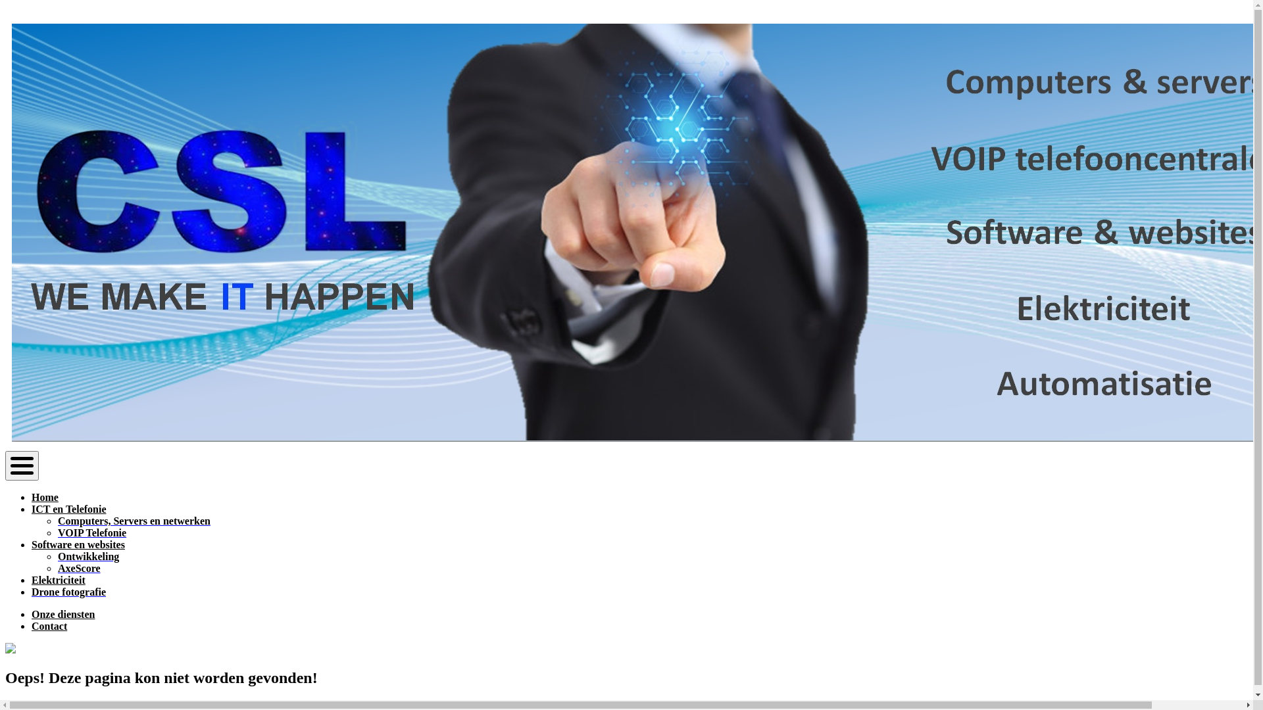 The height and width of the screenshot is (710, 1263). What do you see at coordinates (87, 556) in the screenshot?
I see `'Ontwikkeling'` at bounding box center [87, 556].